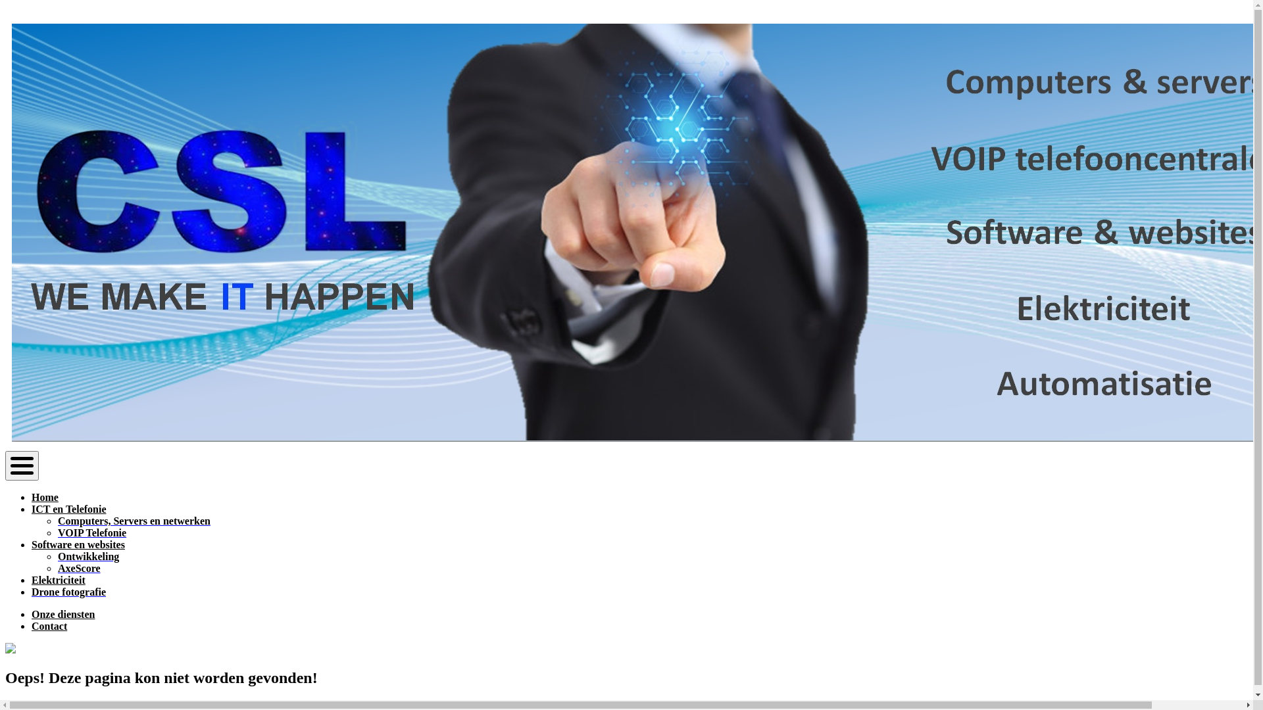 The height and width of the screenshot is (710, 1263). What do you see at coordinates (87, 556) in the screenshot?
I see `'Ontwikkeling'` at bounding box center [87, 556].